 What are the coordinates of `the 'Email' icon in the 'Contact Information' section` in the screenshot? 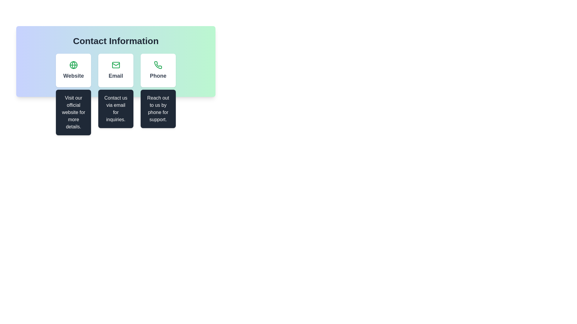 It's located at (116, 65).